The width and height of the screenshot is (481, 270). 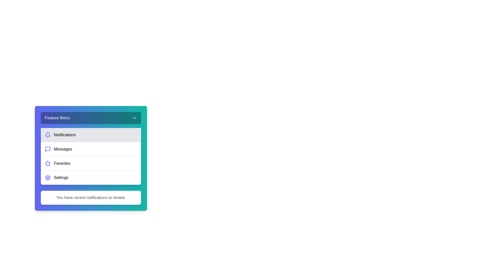 What do you see at coordinates (91, 197) in the screenshot?
I see `the static text element displaying 'You have recent notifications to review.', which is centered in a white box with rounded corners near the bottom of the vertical menu interface` at bounding box center [91, 197].